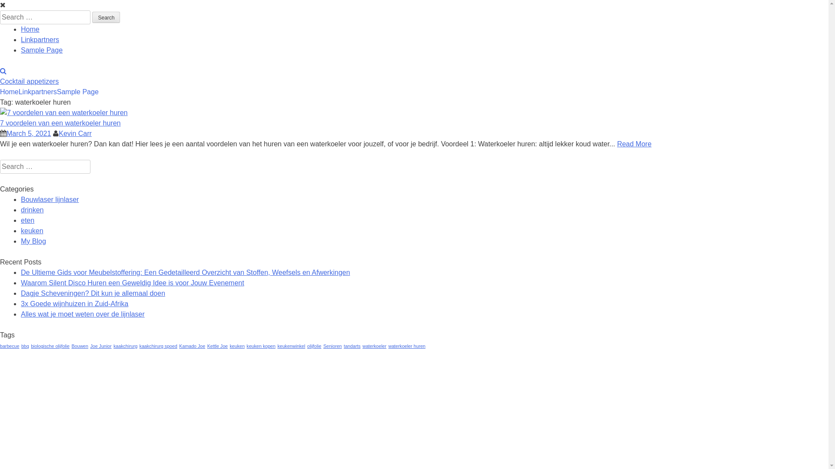  What do you see at coordinates (29, 81) in the screenshot?
I see `'Cocktail appetizers'` at bounding box center [29, 81].